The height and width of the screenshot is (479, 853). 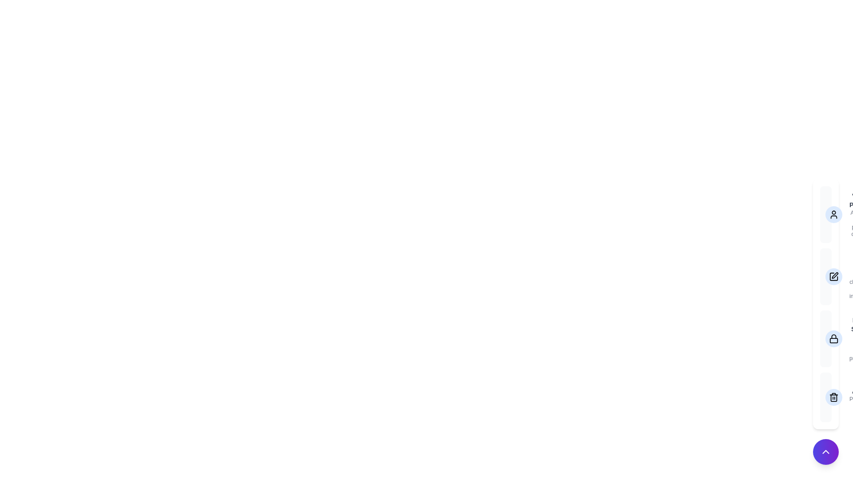 I want to click on the option View Profile to view its details, so click(x=825, y=214).